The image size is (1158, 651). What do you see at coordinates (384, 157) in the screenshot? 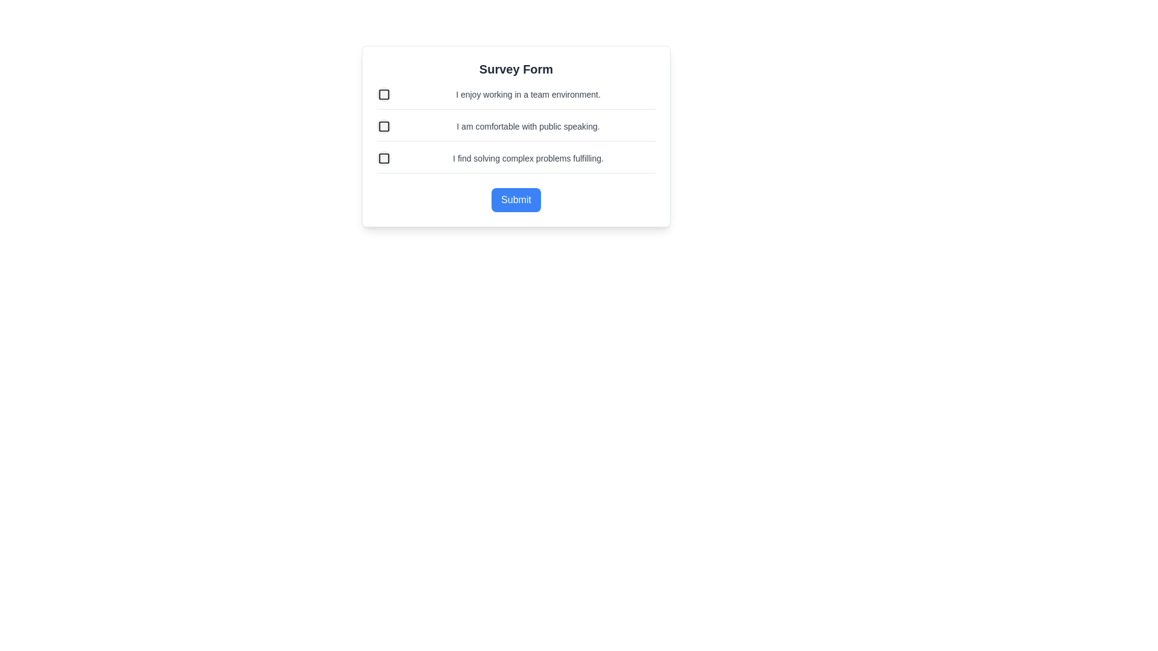
I see `the checkbox associated with the survey option 'I find solving complex problems fulfilling.'` at bounding box center [384, 157].